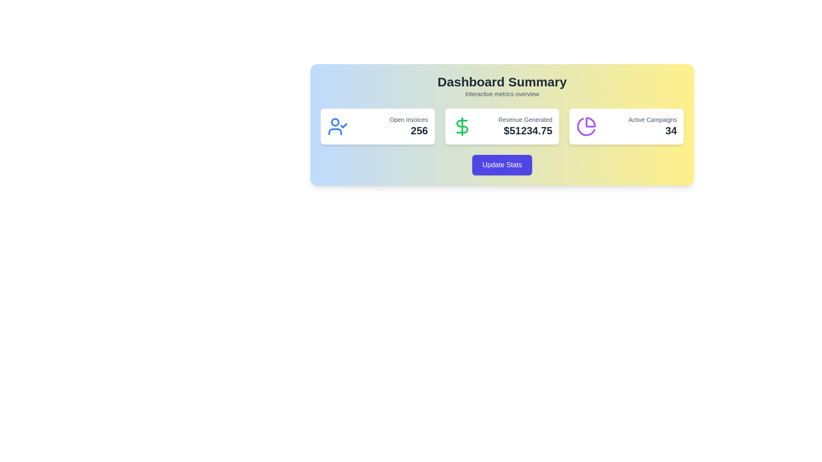 The height and width of the screenshot is (462, 822). Describe the element at coordinates (586, 127) in the screenshot. I see `the SVG graphic icon representing data segmentation in the 'Active Campaigns' card displaying the number 34` at that location.